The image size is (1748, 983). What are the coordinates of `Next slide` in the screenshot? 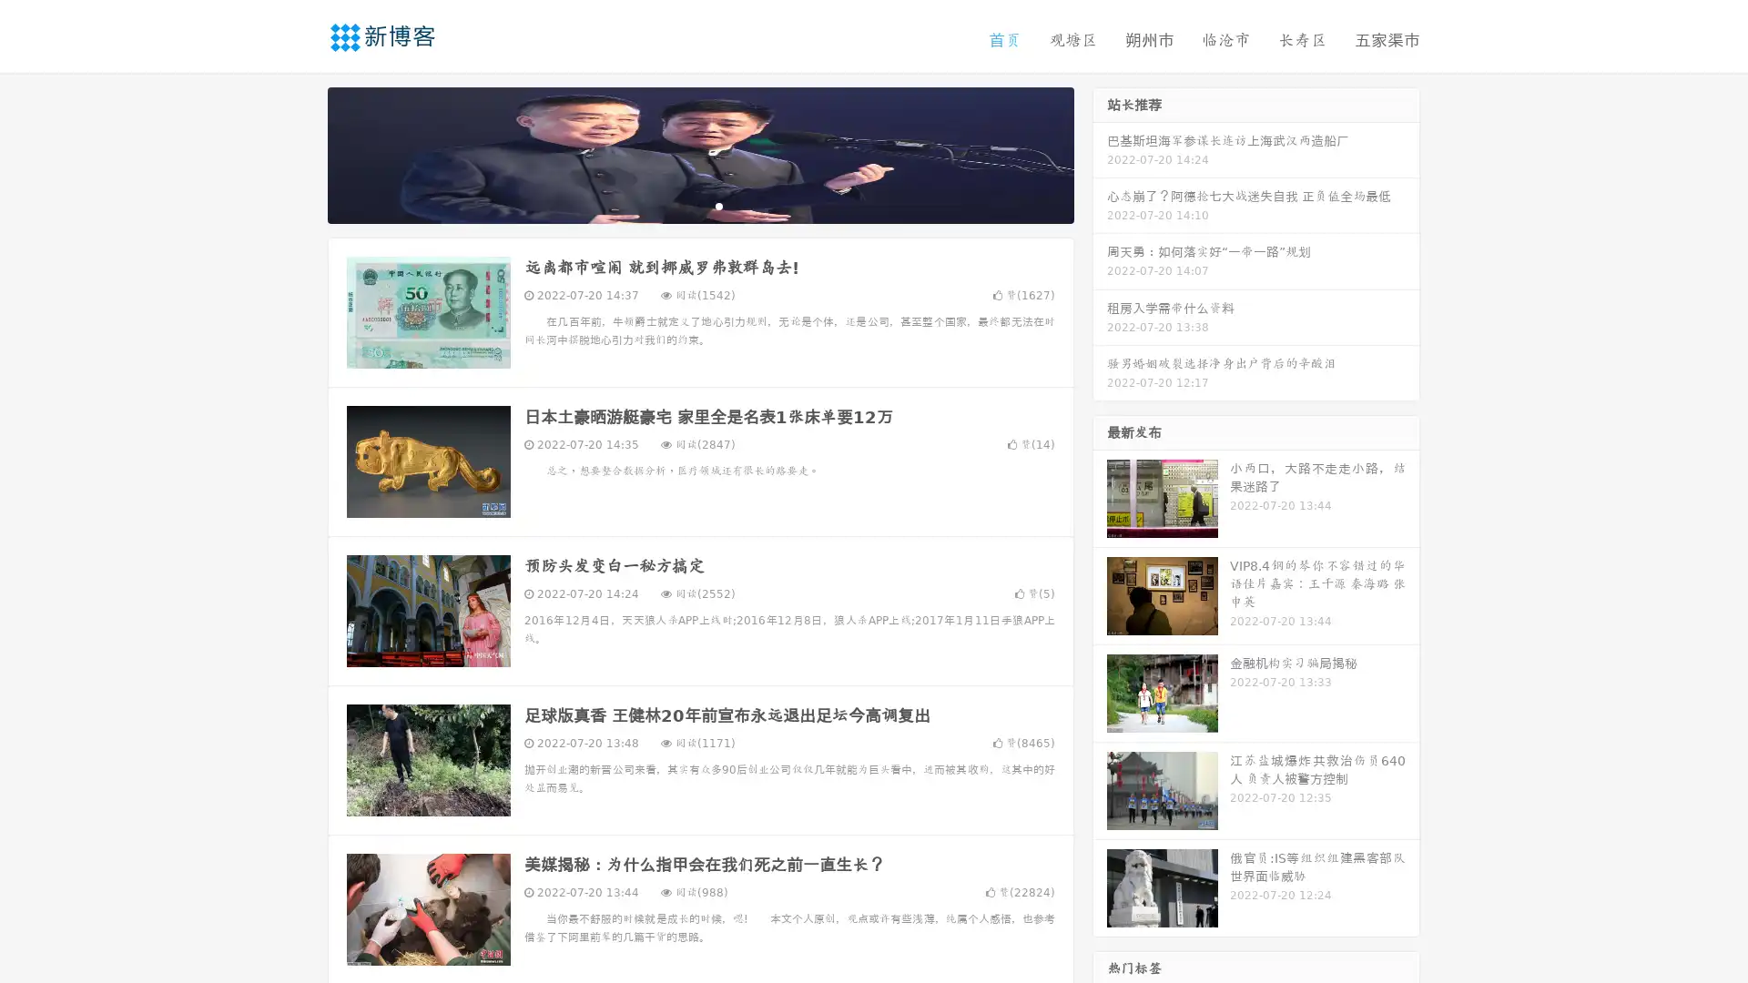 It's located at (1100, 153).